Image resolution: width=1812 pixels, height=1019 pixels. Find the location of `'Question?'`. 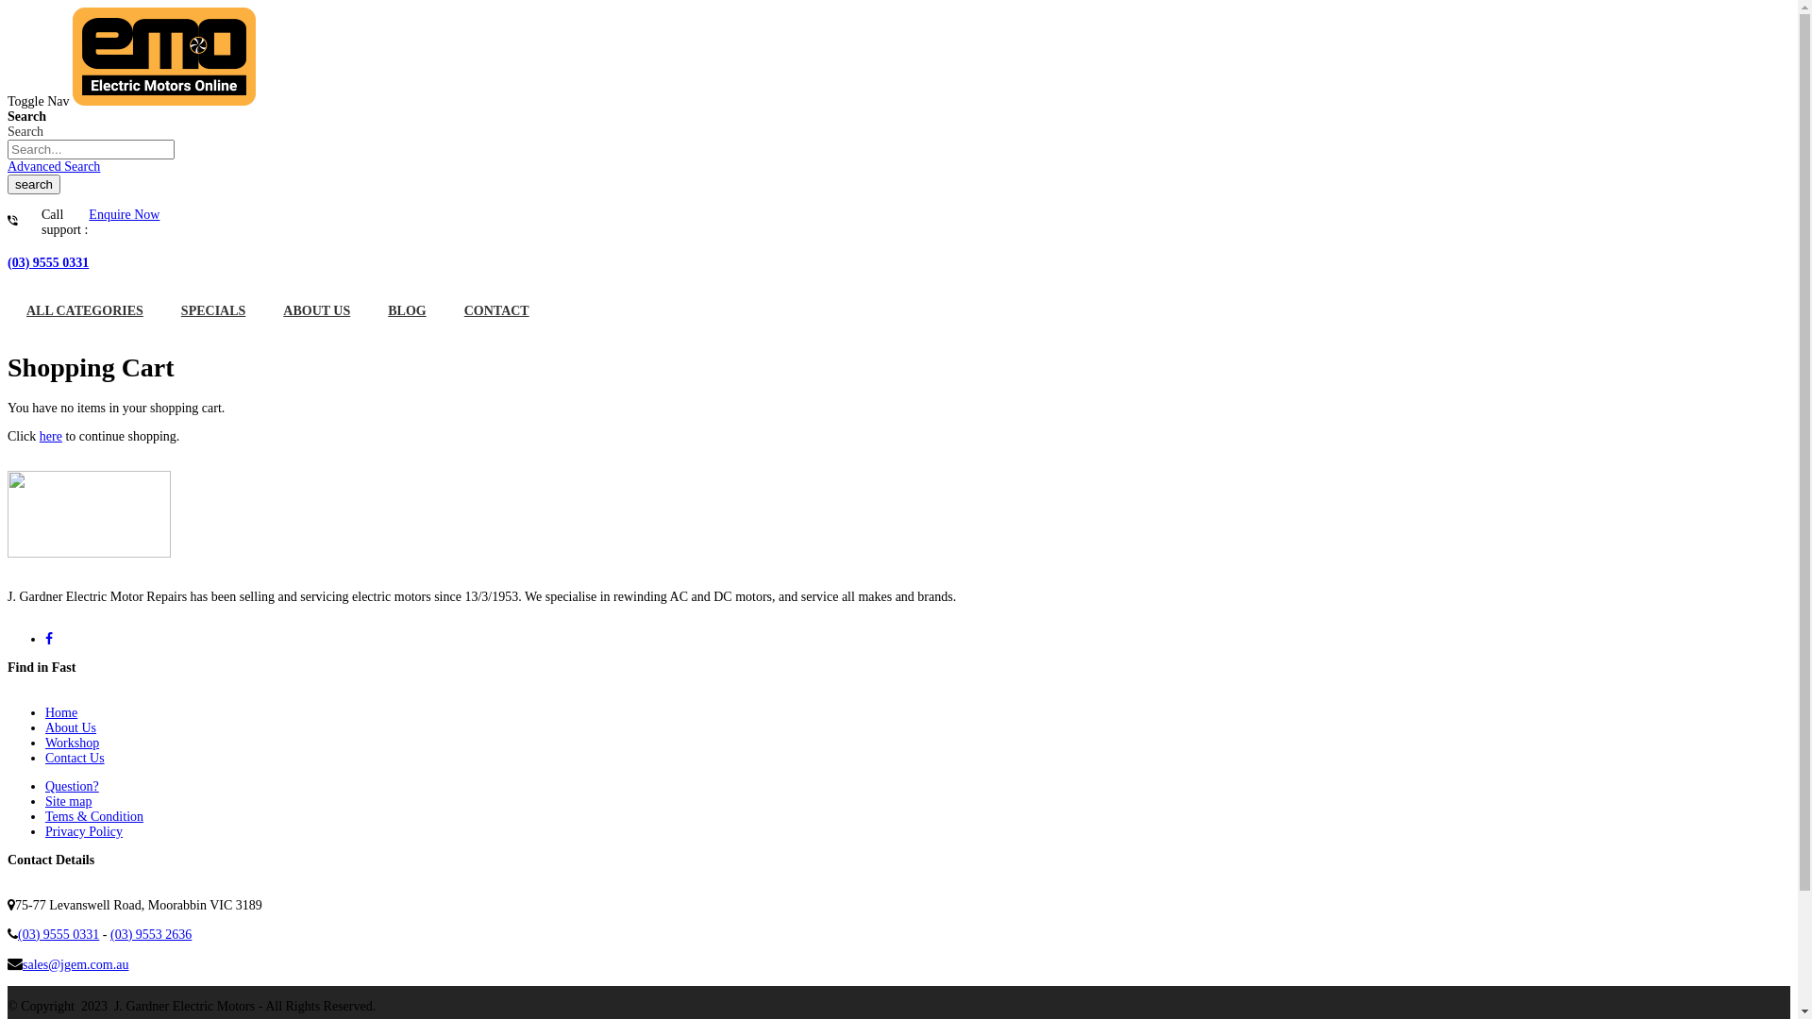

'Question?' is located at coordinates (45, 786).